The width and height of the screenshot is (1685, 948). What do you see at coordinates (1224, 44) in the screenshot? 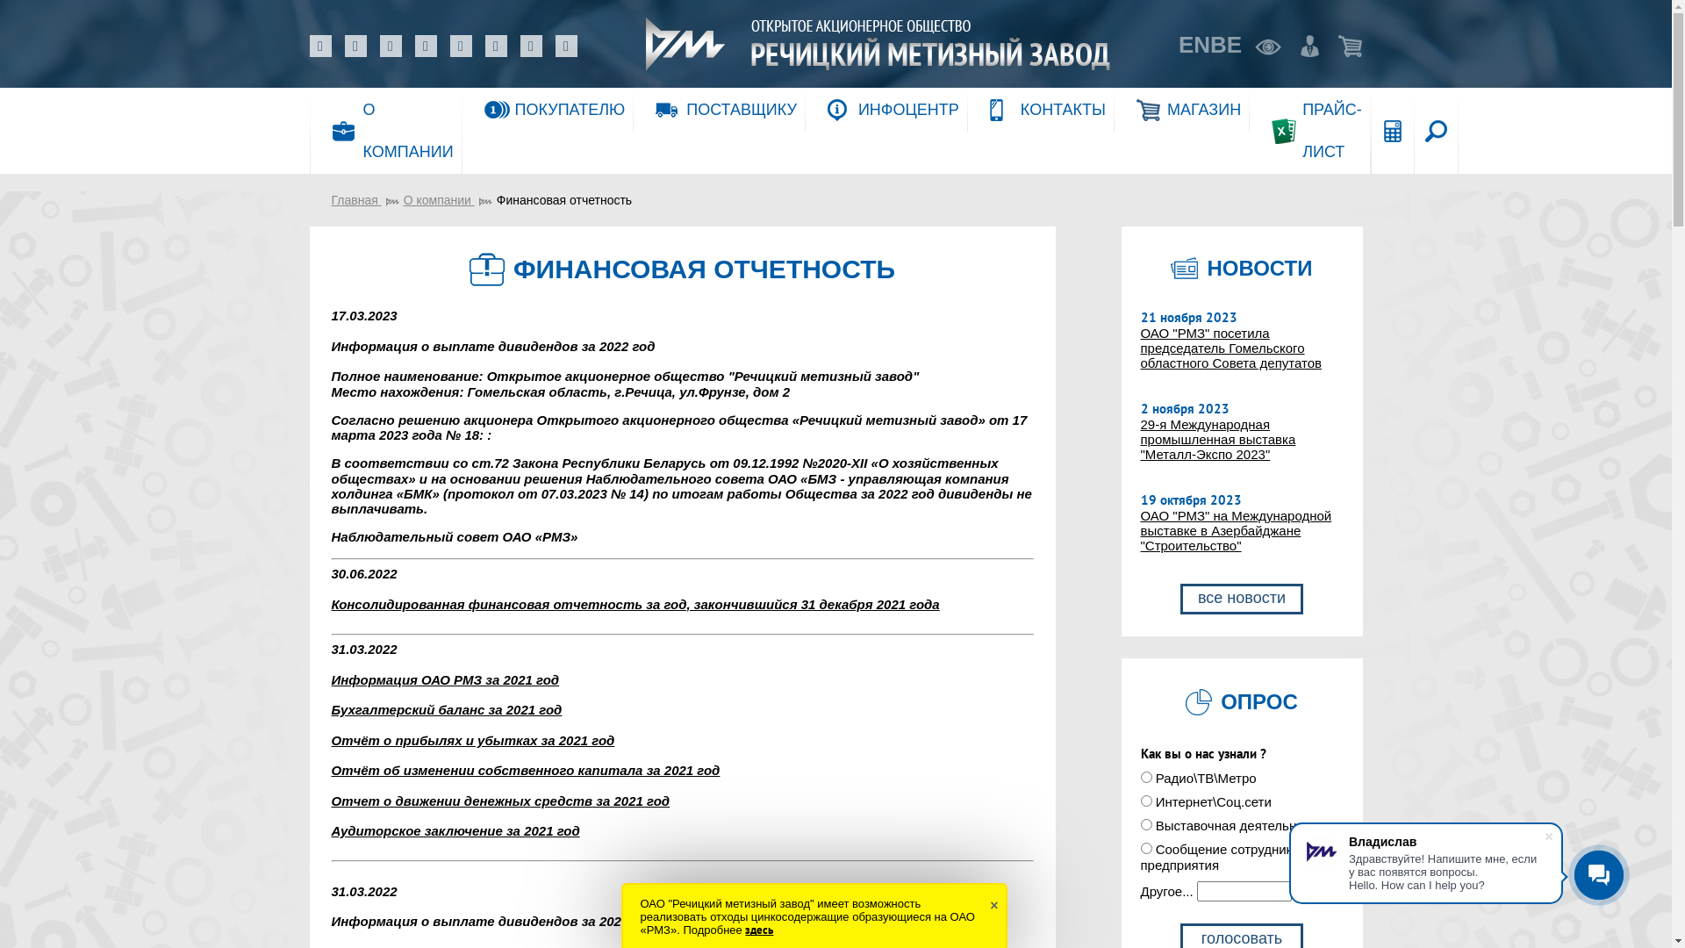
I see `'BE'` at bounding box center [1224, 44].